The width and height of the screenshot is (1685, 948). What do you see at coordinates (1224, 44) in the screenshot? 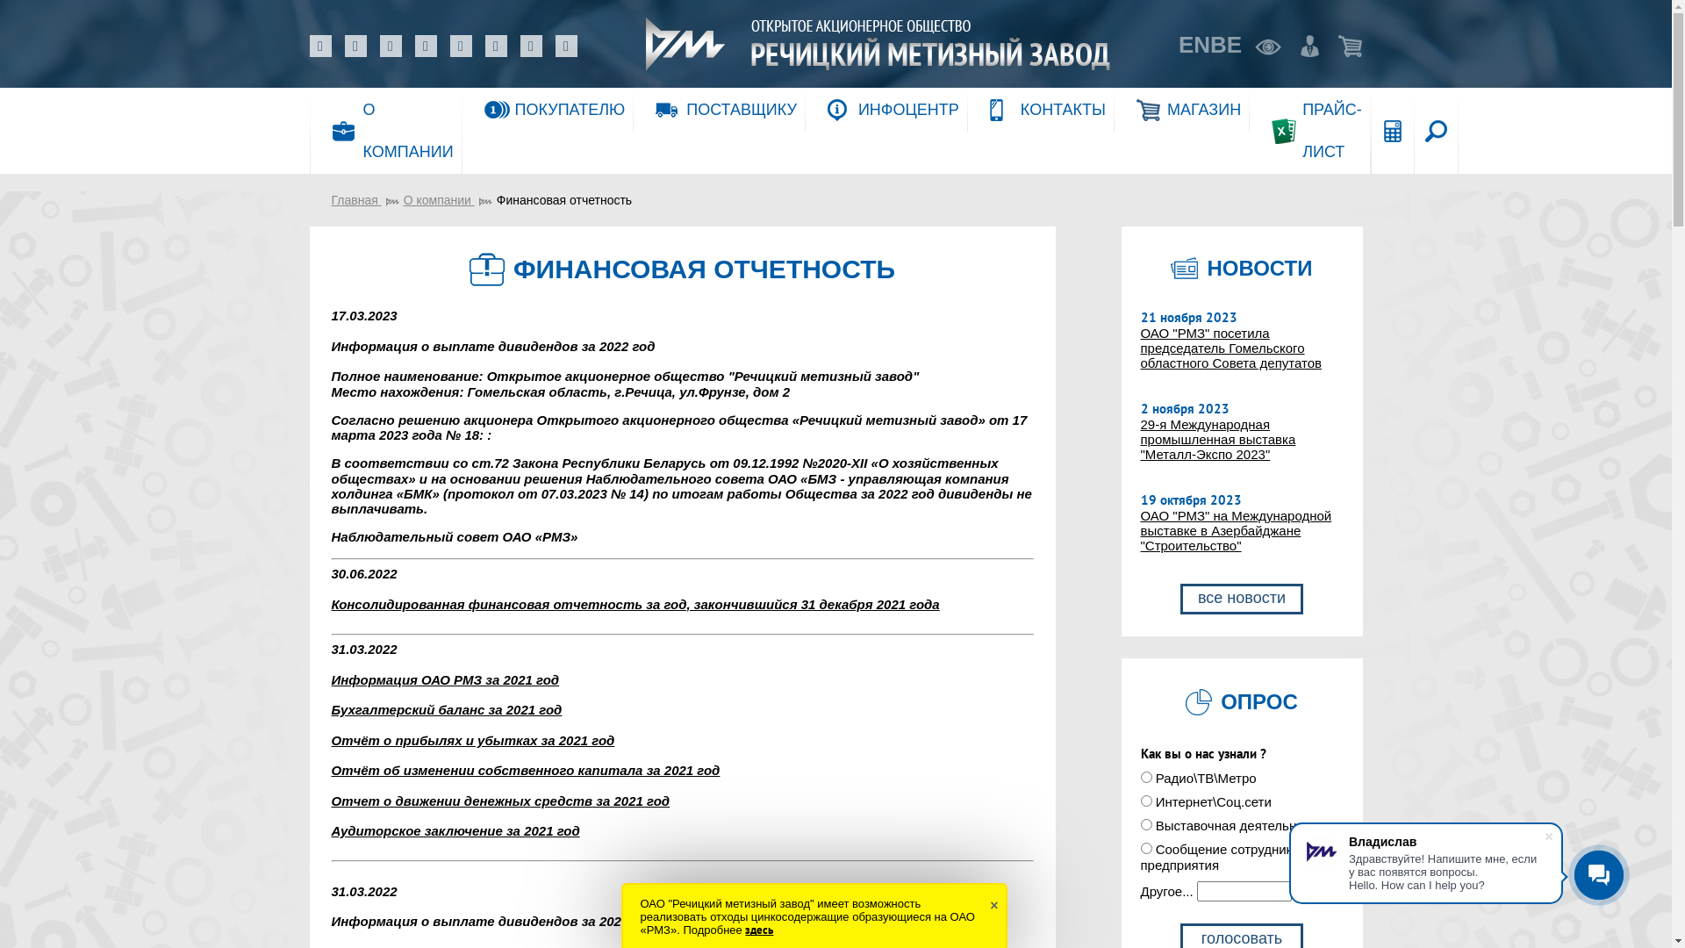
I see `'BE'` at bounding box center [1224, 44].